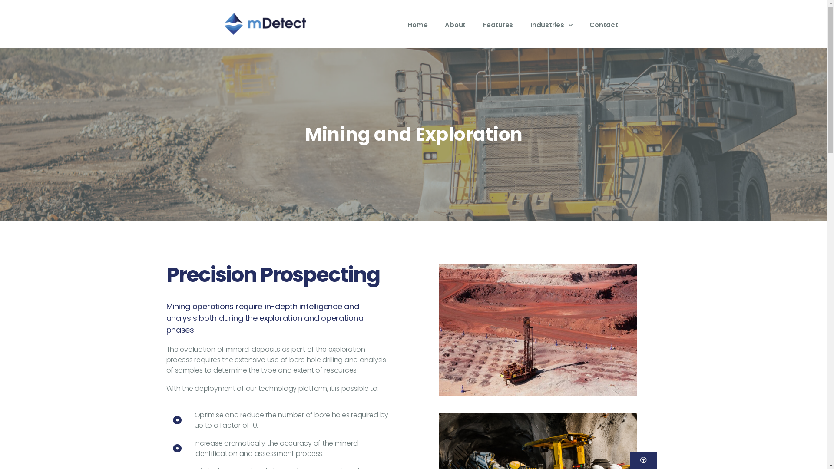  I want to click on 'Features', so click(498, 24).